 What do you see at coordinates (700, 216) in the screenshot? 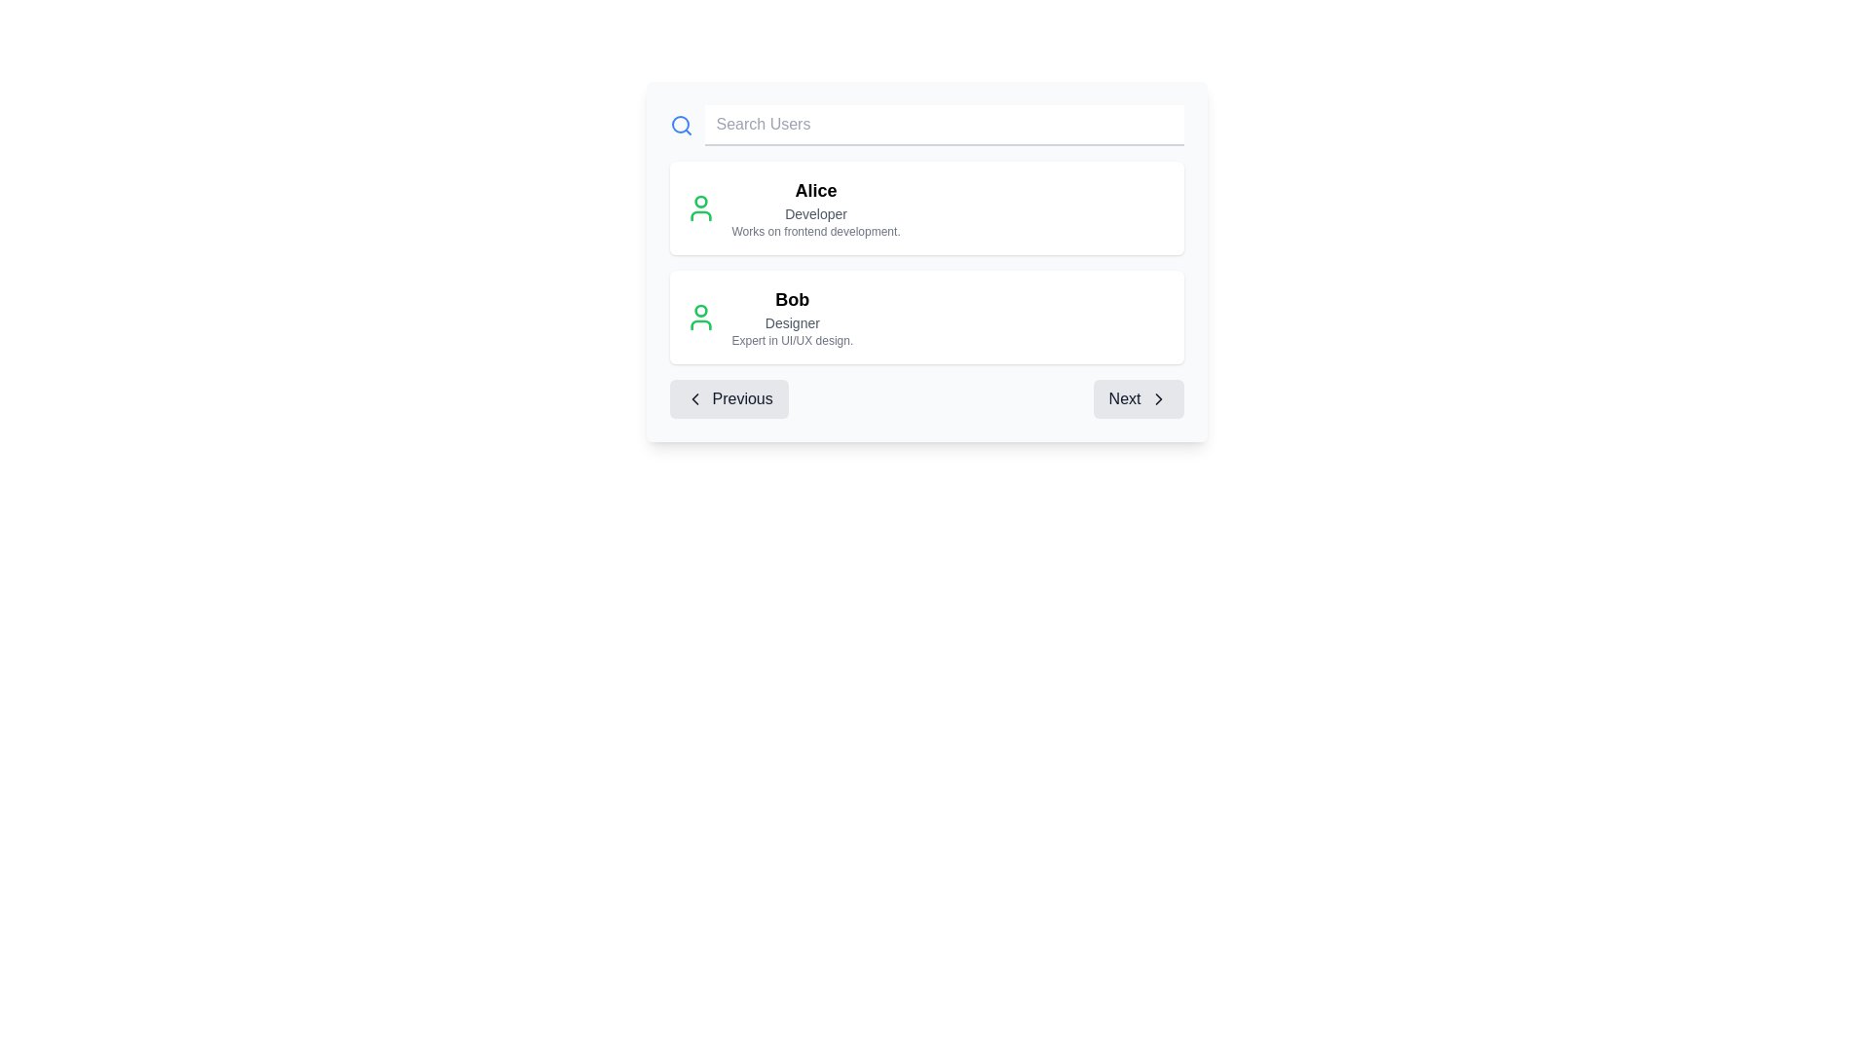
I see `bottom segment of the user icon in green, which represents a profile or account, located to the left of the user name 'Alice' in the search result panel by using developer tools` at bounding box center [700, 216].